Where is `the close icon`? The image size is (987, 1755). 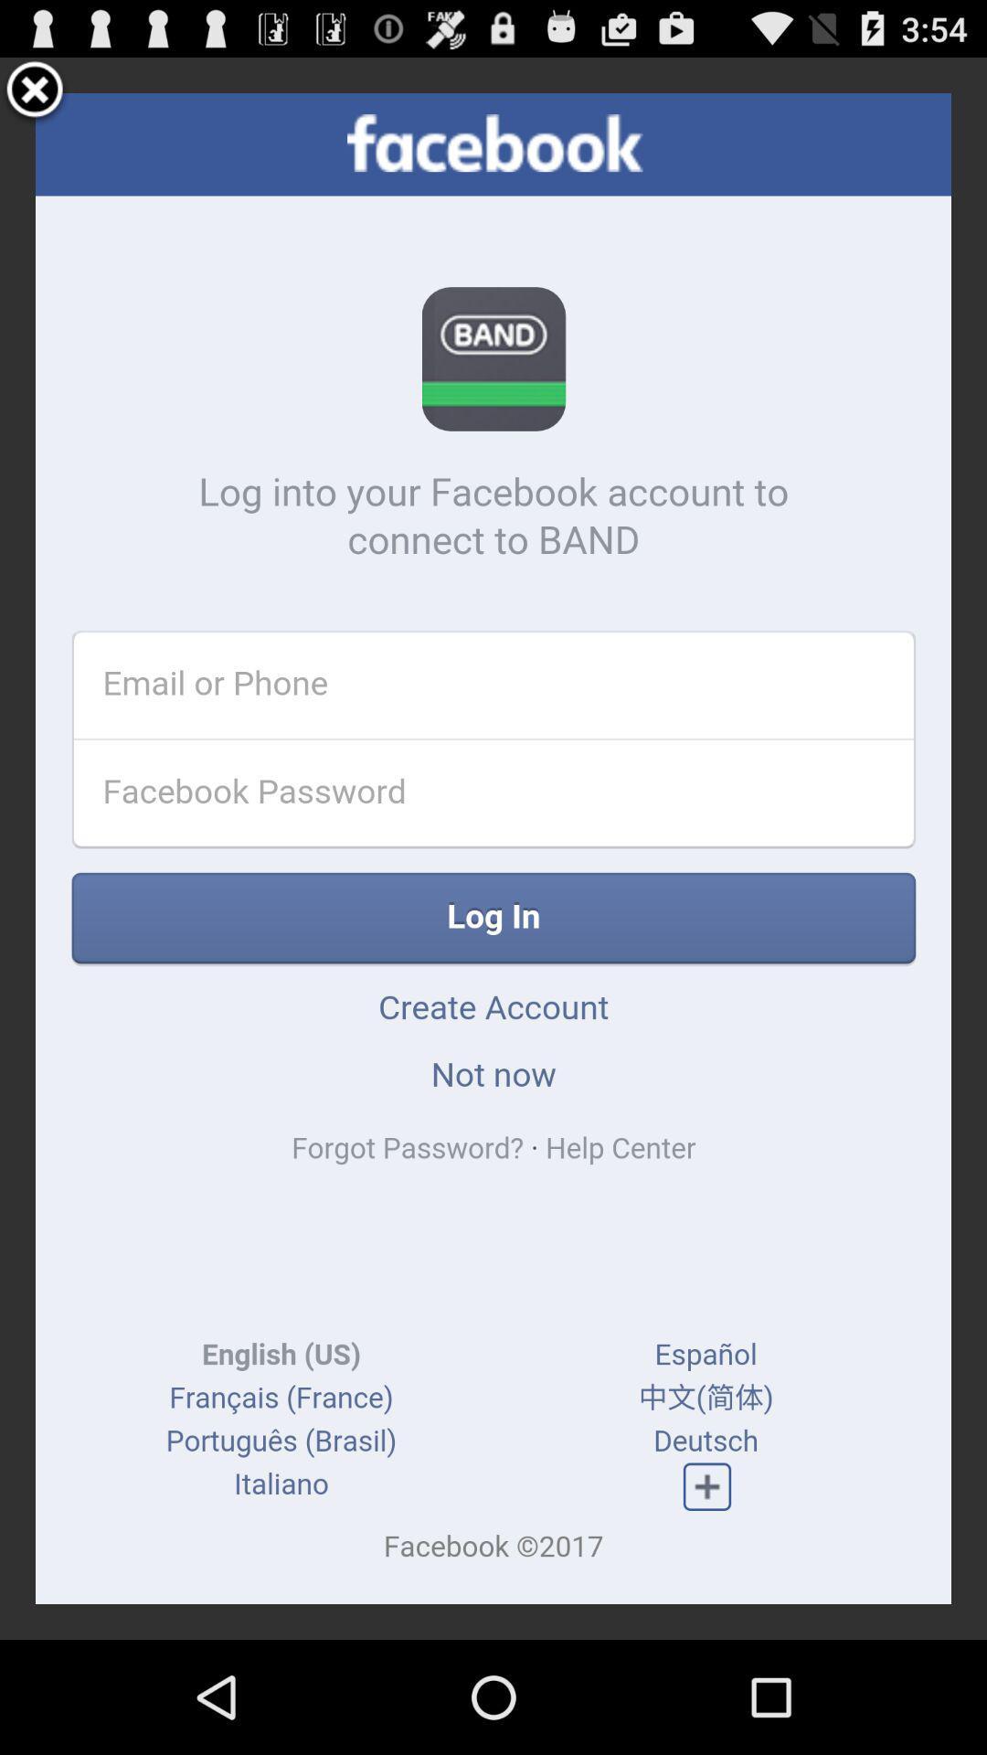
the close icon is located at coordinates (35, 98).